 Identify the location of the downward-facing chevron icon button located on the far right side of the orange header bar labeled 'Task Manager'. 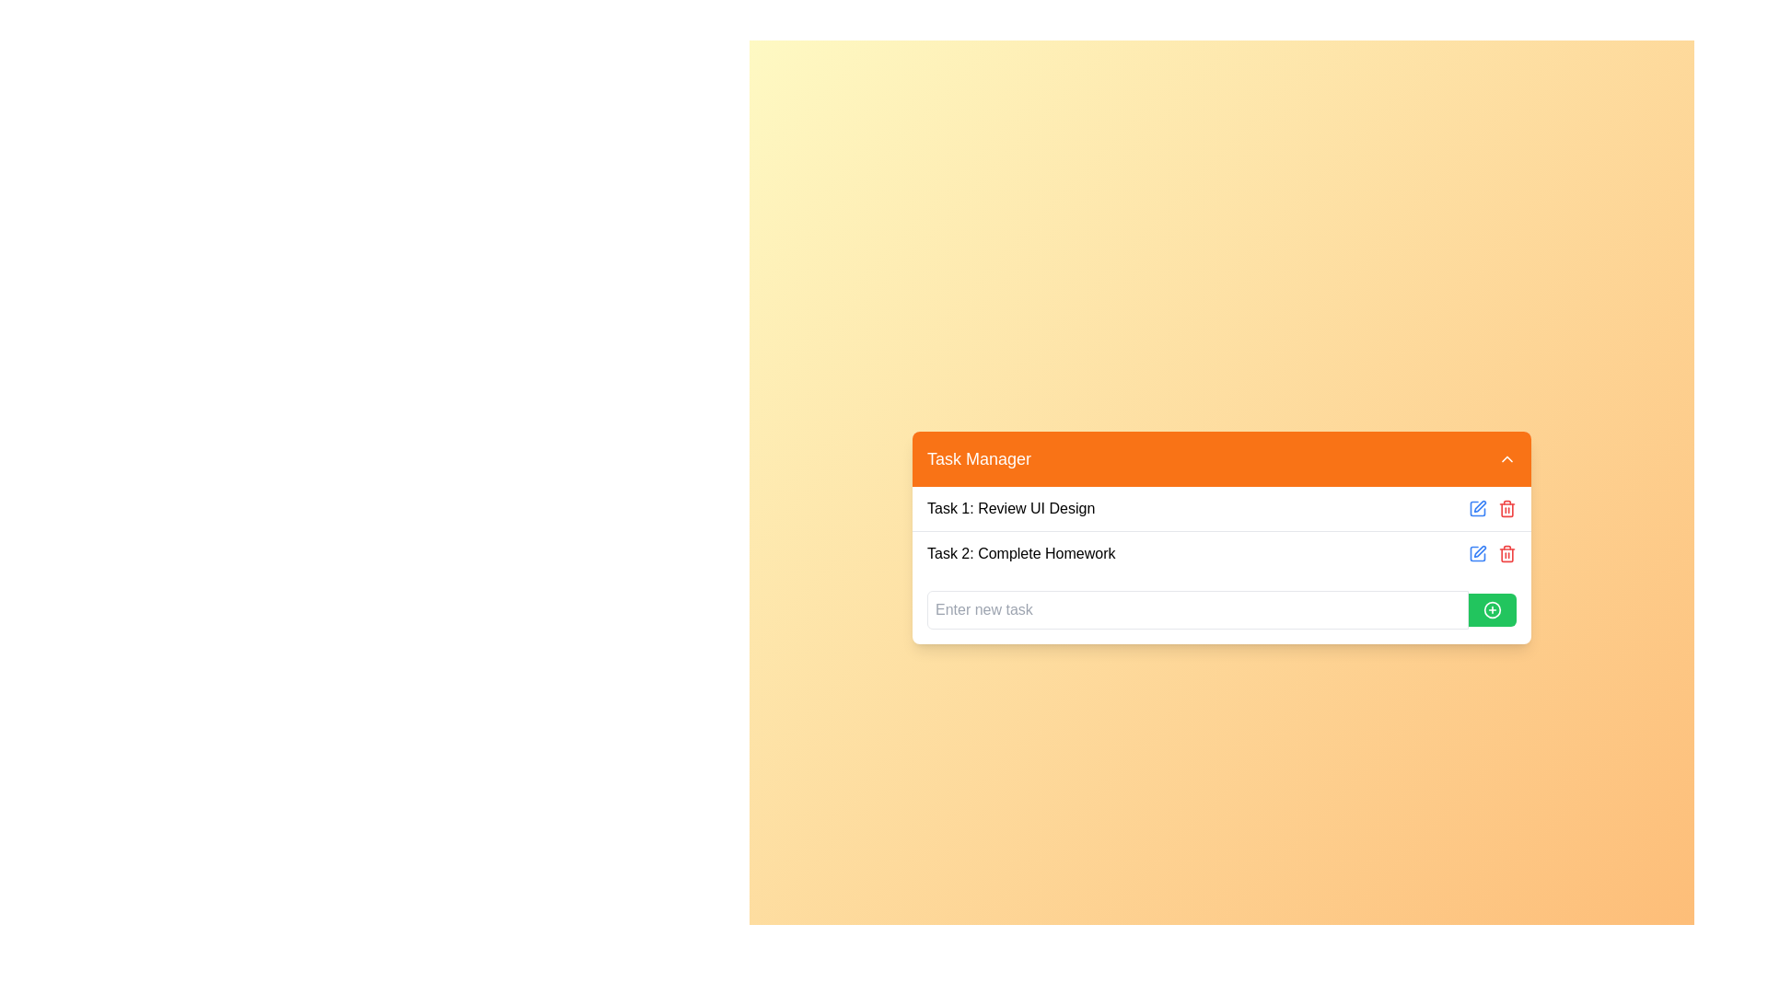
(1506, 457).